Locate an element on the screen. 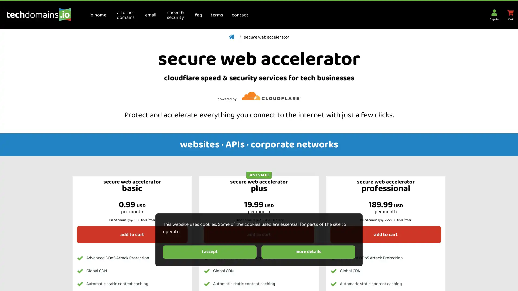 The height and width of the screenshot is (291, 518). add to cart is located at coordinates (132, 234).